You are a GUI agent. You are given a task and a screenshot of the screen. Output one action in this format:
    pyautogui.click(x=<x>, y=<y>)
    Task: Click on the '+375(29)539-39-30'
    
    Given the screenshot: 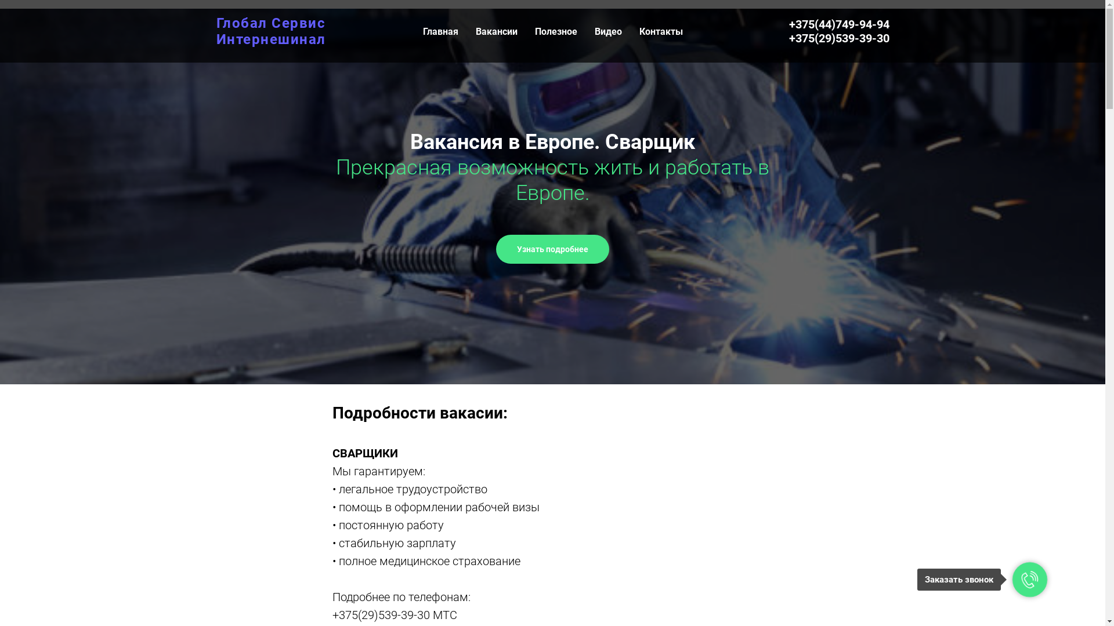 What is the action you would take?
    pyautogui.click(x=839, y=37)
    